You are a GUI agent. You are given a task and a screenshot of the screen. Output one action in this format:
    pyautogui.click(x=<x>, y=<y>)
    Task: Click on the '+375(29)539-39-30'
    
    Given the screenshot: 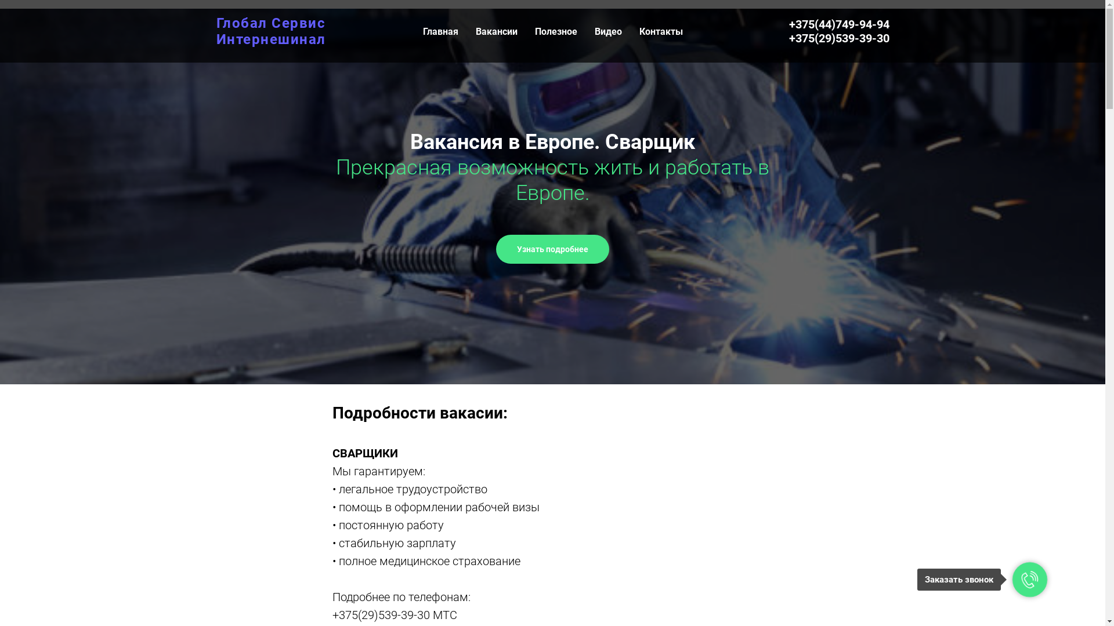 What is the action you would take?
    pyautogui.click(x=839, y=37)
    